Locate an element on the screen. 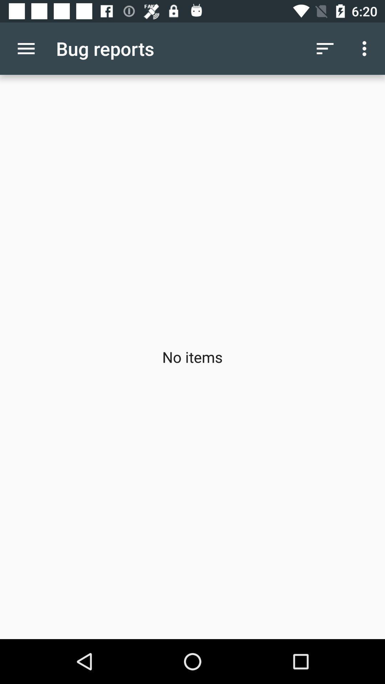 The width and height of the screenshot is (385, 684). item above no items is located at coordinates (26, 48).